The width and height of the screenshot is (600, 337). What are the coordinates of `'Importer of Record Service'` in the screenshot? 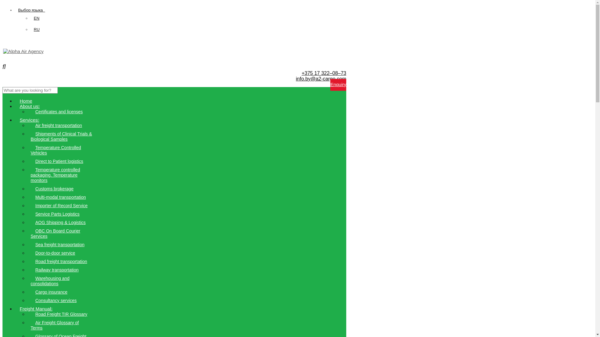 It's located at (61, 206).